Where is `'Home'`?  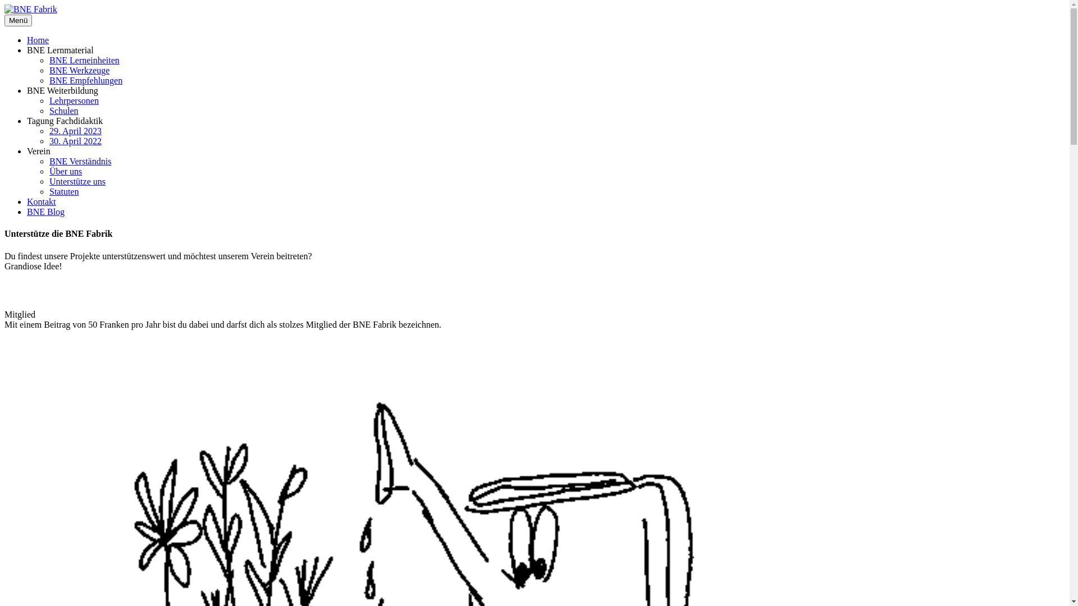 'Home' is located at coordinates (38, 39).